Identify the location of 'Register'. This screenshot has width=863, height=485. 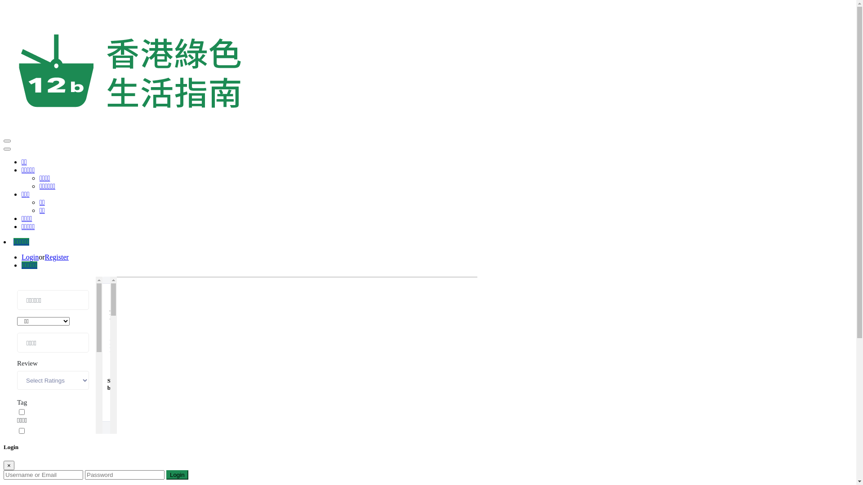
(44, 257).